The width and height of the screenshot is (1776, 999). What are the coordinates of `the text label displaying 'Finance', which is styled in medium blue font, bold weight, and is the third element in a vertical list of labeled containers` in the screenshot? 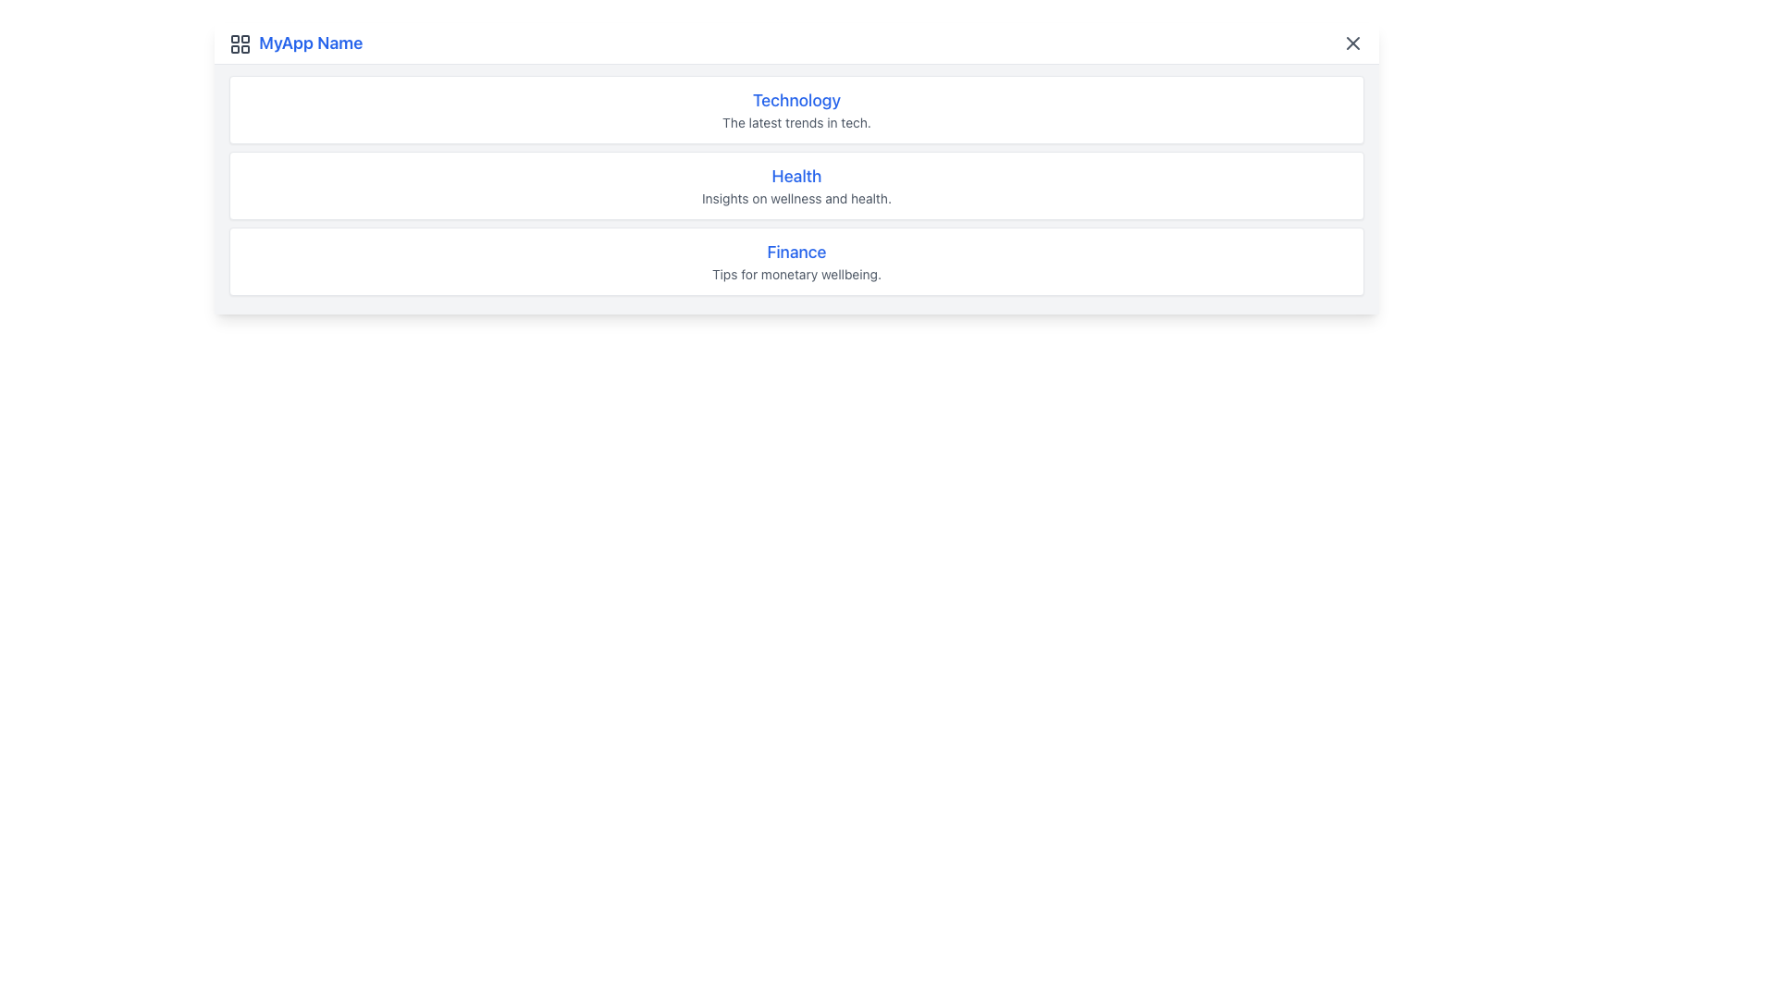 It's located at (796, 253).